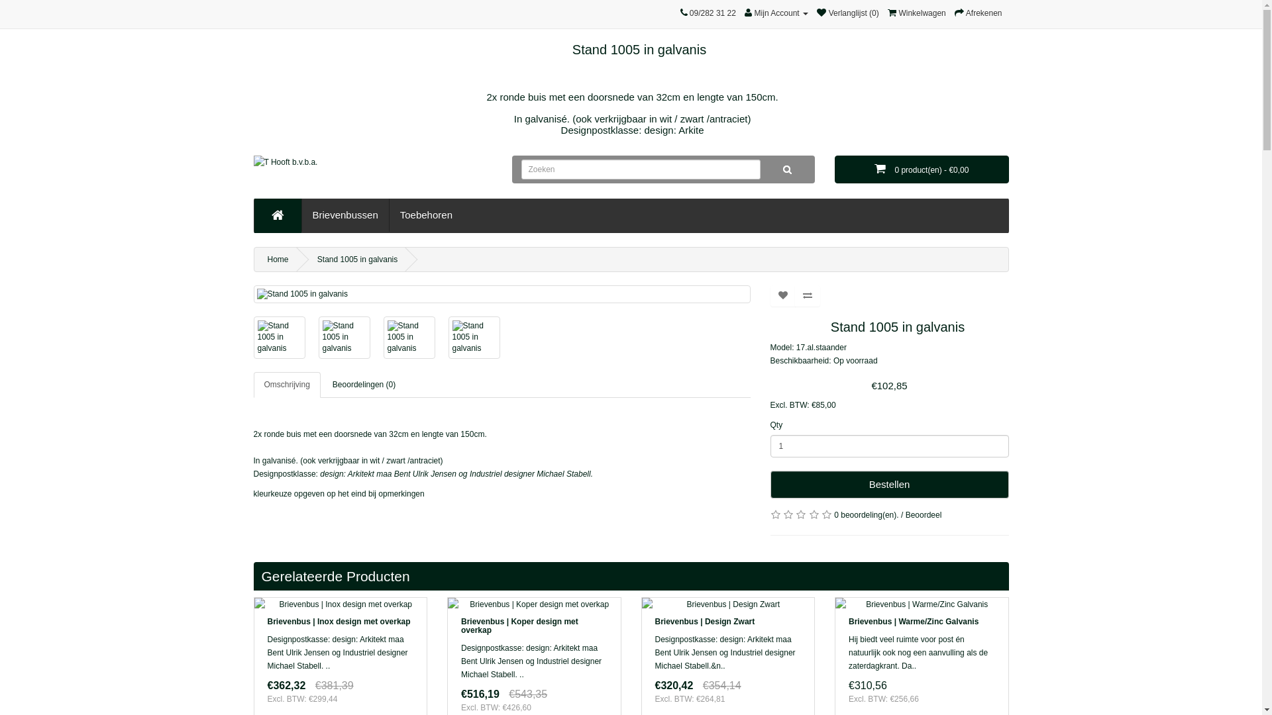 The image size is (1272, 715). Describe the element at coordinates (889, 485) in the screenshot. I see `'Bestellen'` at that location.